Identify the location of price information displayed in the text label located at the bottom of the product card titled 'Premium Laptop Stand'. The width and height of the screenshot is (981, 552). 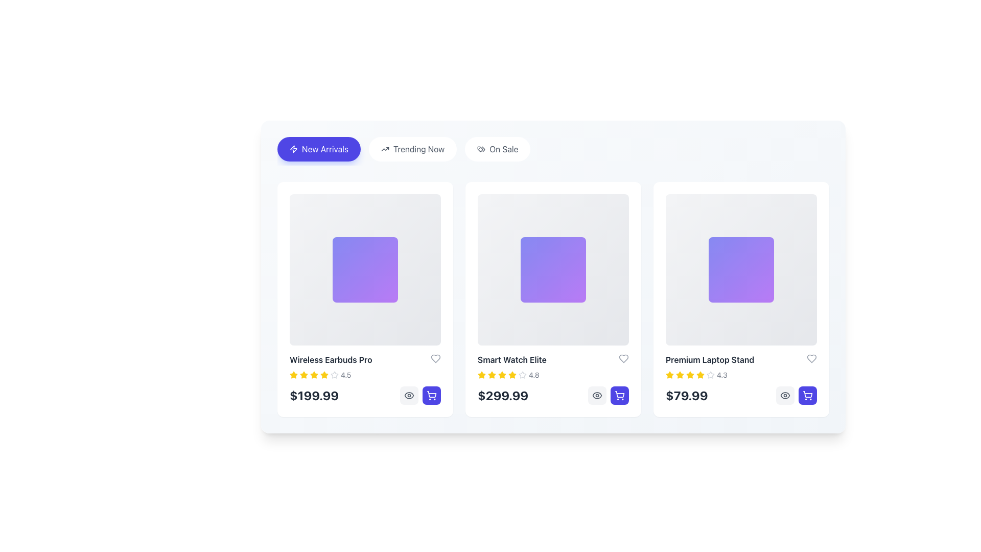
(687, 395).